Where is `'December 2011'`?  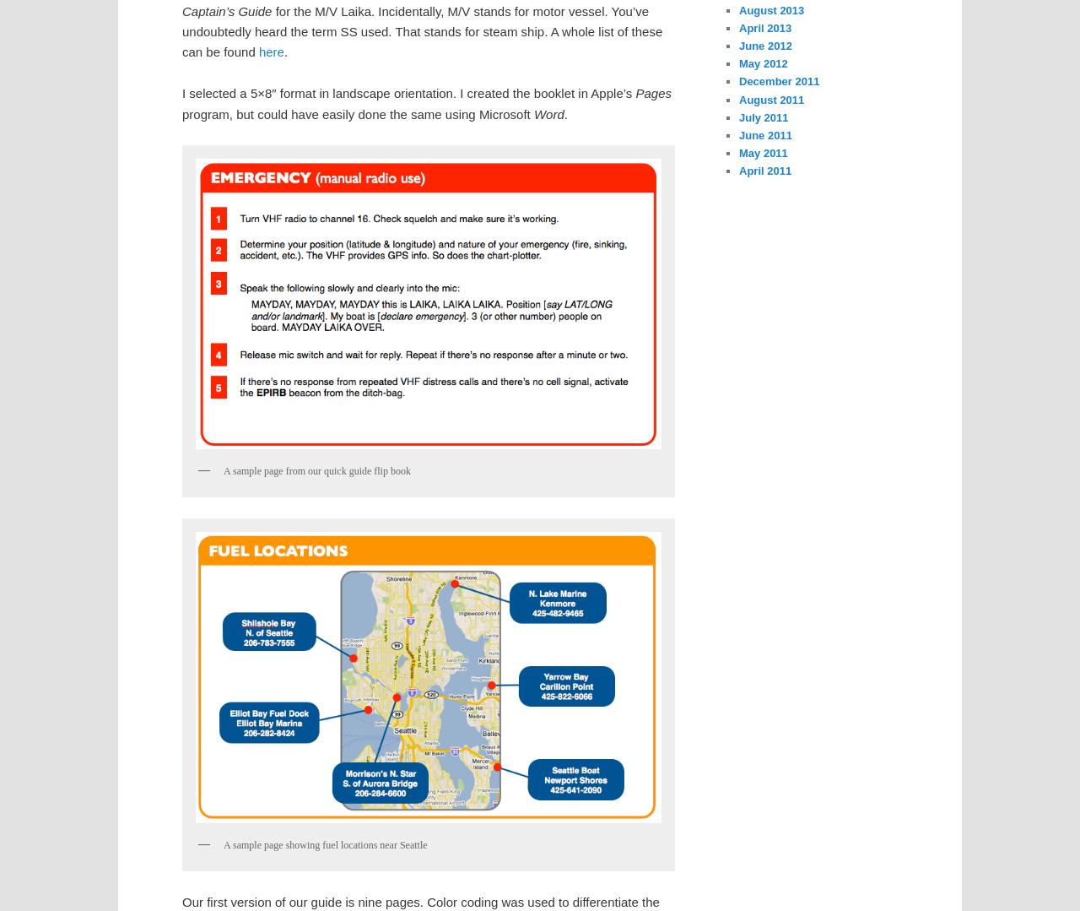 'December 2011' is located at coordinates (778, 81).